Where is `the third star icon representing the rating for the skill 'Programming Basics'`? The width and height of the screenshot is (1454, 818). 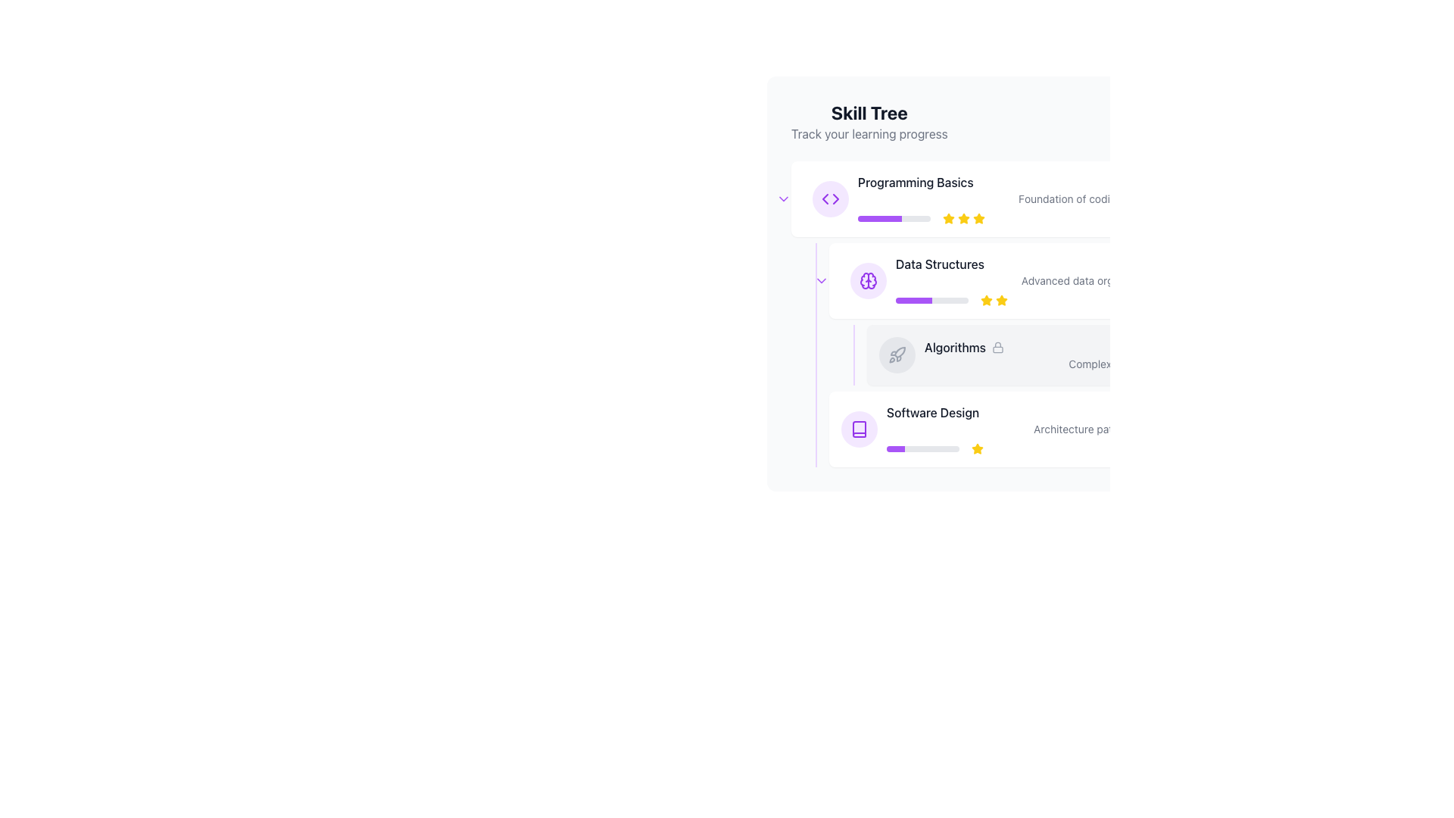 the third star icon representing the rating for the skill 'Programming Basics' is located at coordinates (978, 218).